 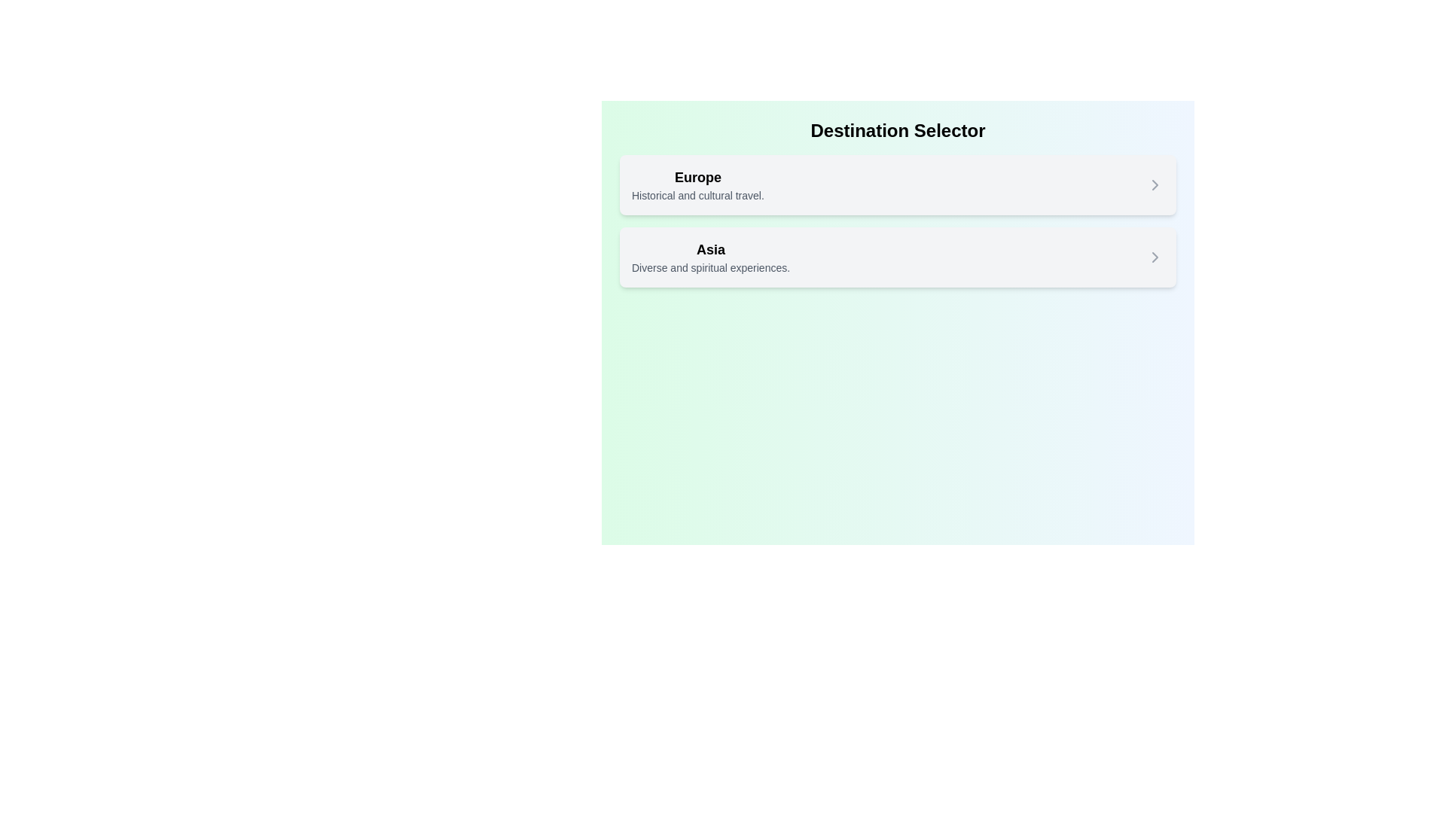 What do you see at coordinates (710, 257) in the screenshot?
I see `the text block labeled 'Asia' which serves as a selection item for the destination within the 'Destination Selector' section` at bounding box center [710, 257].